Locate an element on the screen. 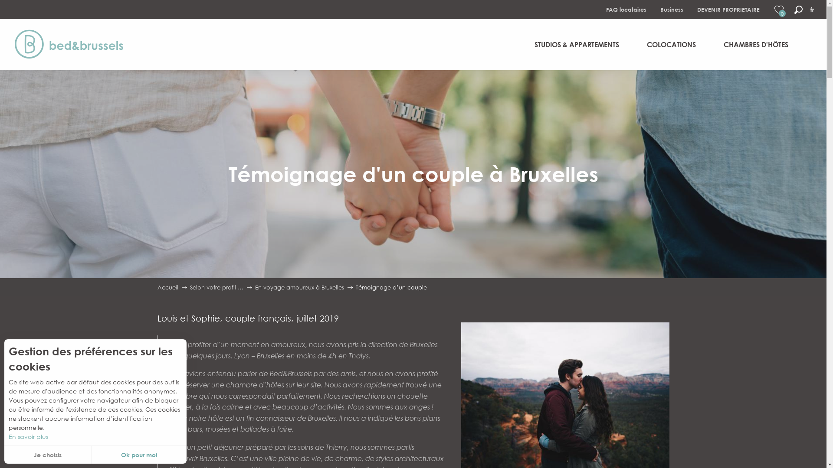 This screenshot has height=468, width=833. 'COLOCATIONS' is located at coordinates (671, 45).